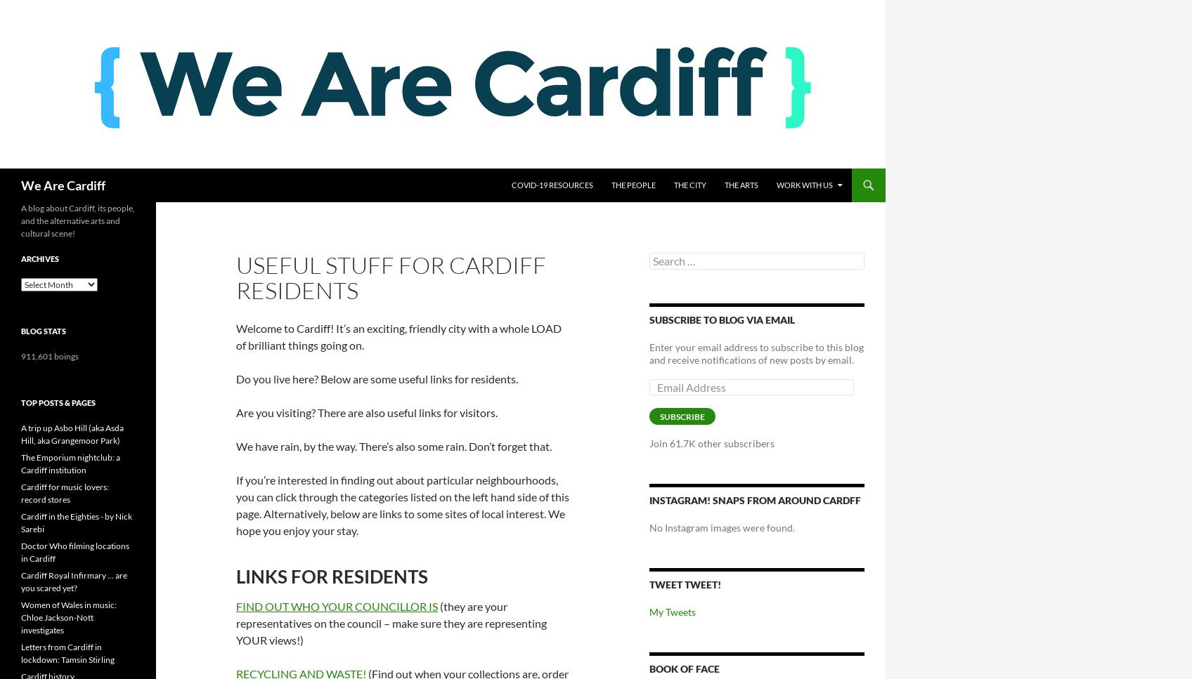 The image size is (1192, 679). I want to click on 'Do you live here? Below are some useful links for residents.', so click(235, 378).